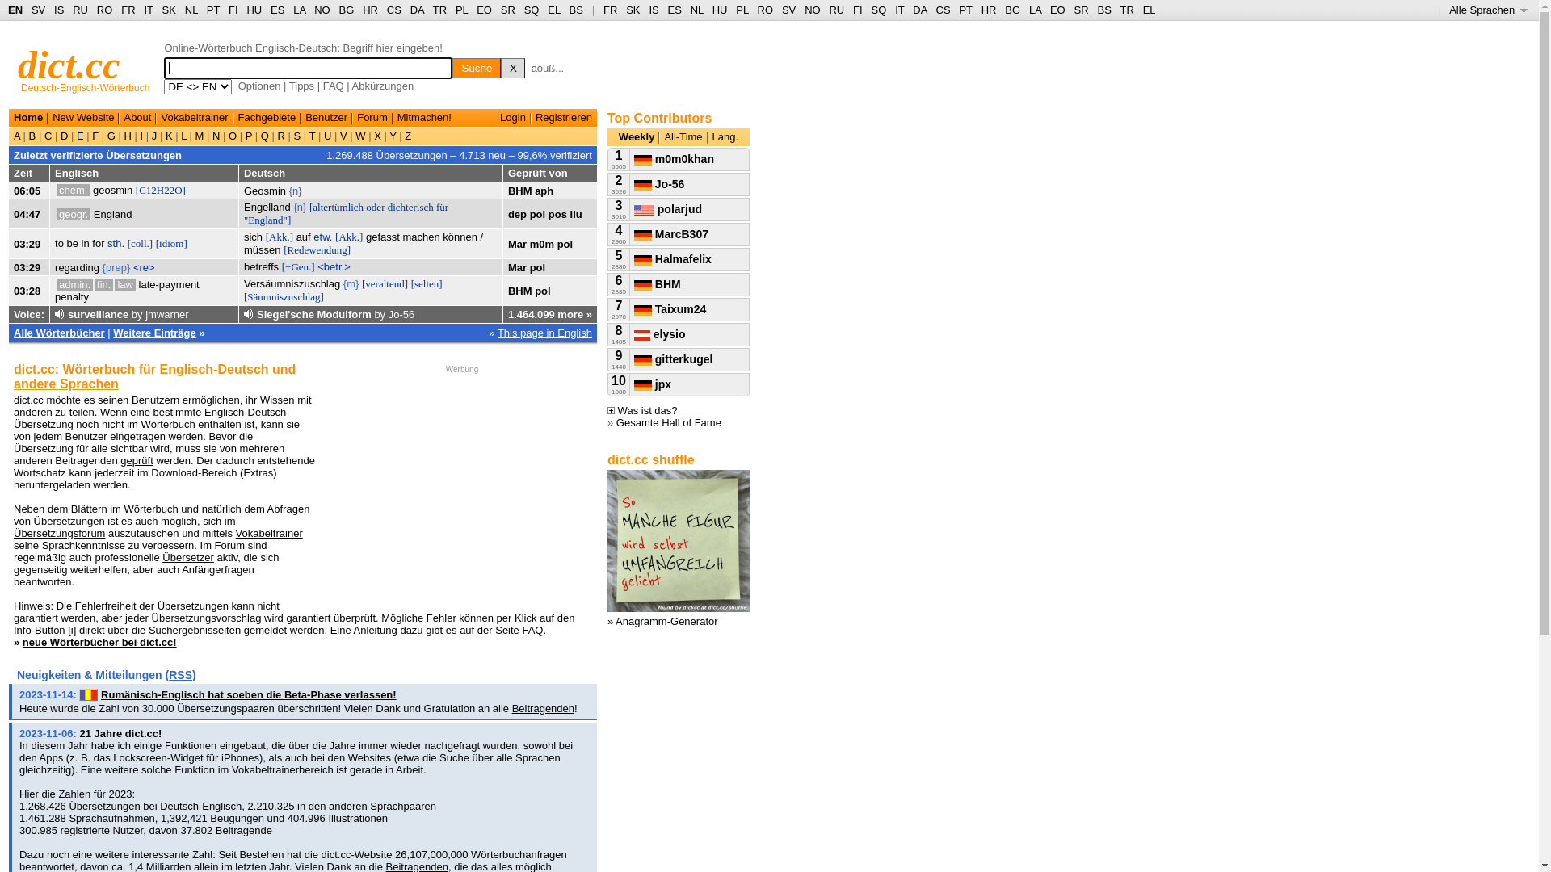 Image resolution: width=1551 pixels, height=872 pixels. What do you see at coordinates (27, 289) in the screenshot?
I see `'03:28'` at bounding box center [27, 289].